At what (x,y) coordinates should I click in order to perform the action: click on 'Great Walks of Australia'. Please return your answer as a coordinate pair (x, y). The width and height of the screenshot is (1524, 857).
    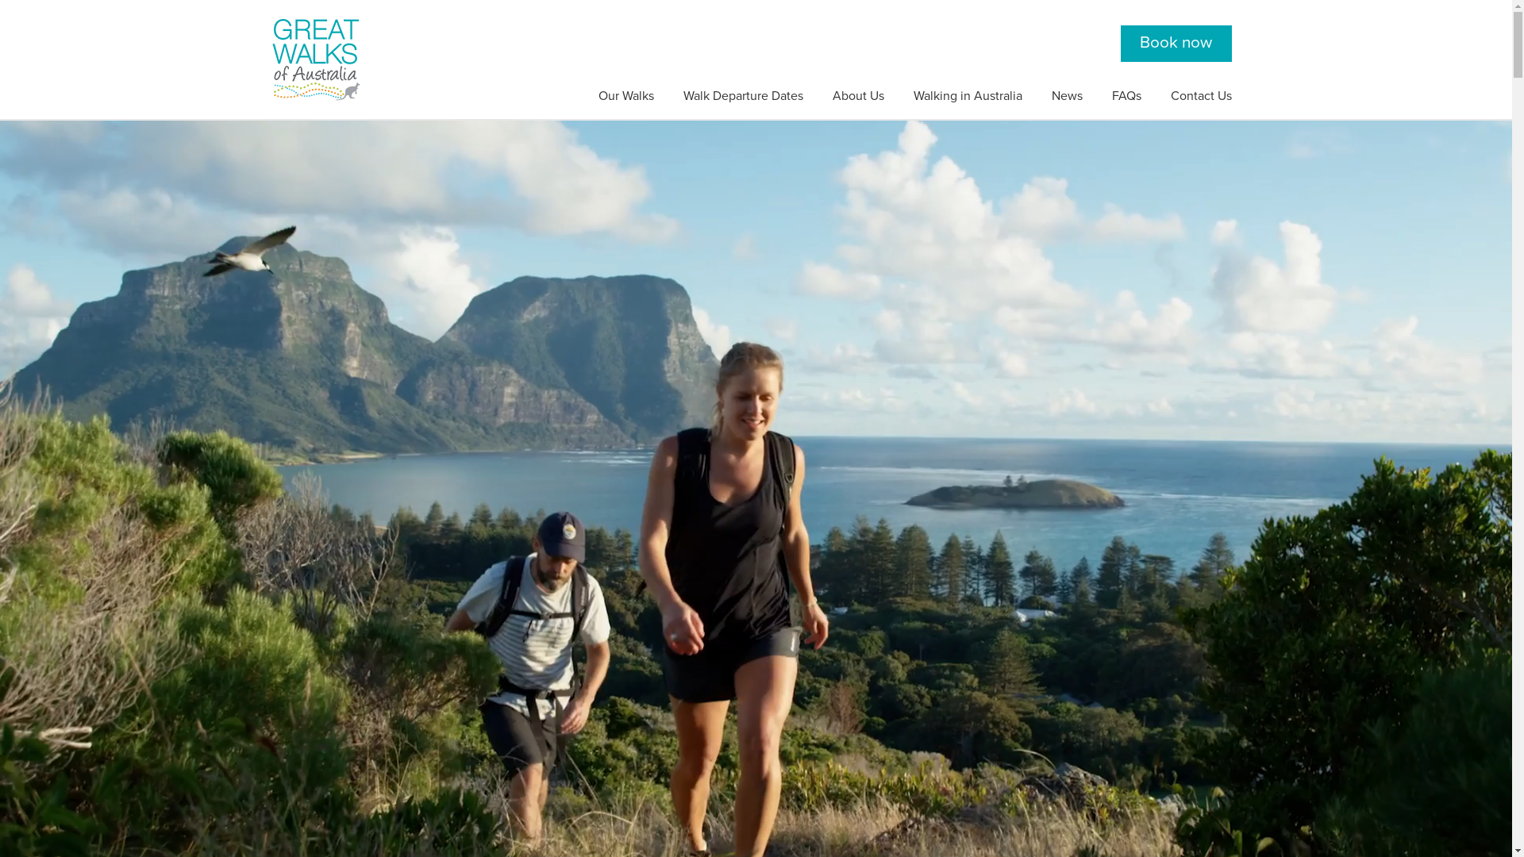
    Looking at the image, I should click on (316, 58).